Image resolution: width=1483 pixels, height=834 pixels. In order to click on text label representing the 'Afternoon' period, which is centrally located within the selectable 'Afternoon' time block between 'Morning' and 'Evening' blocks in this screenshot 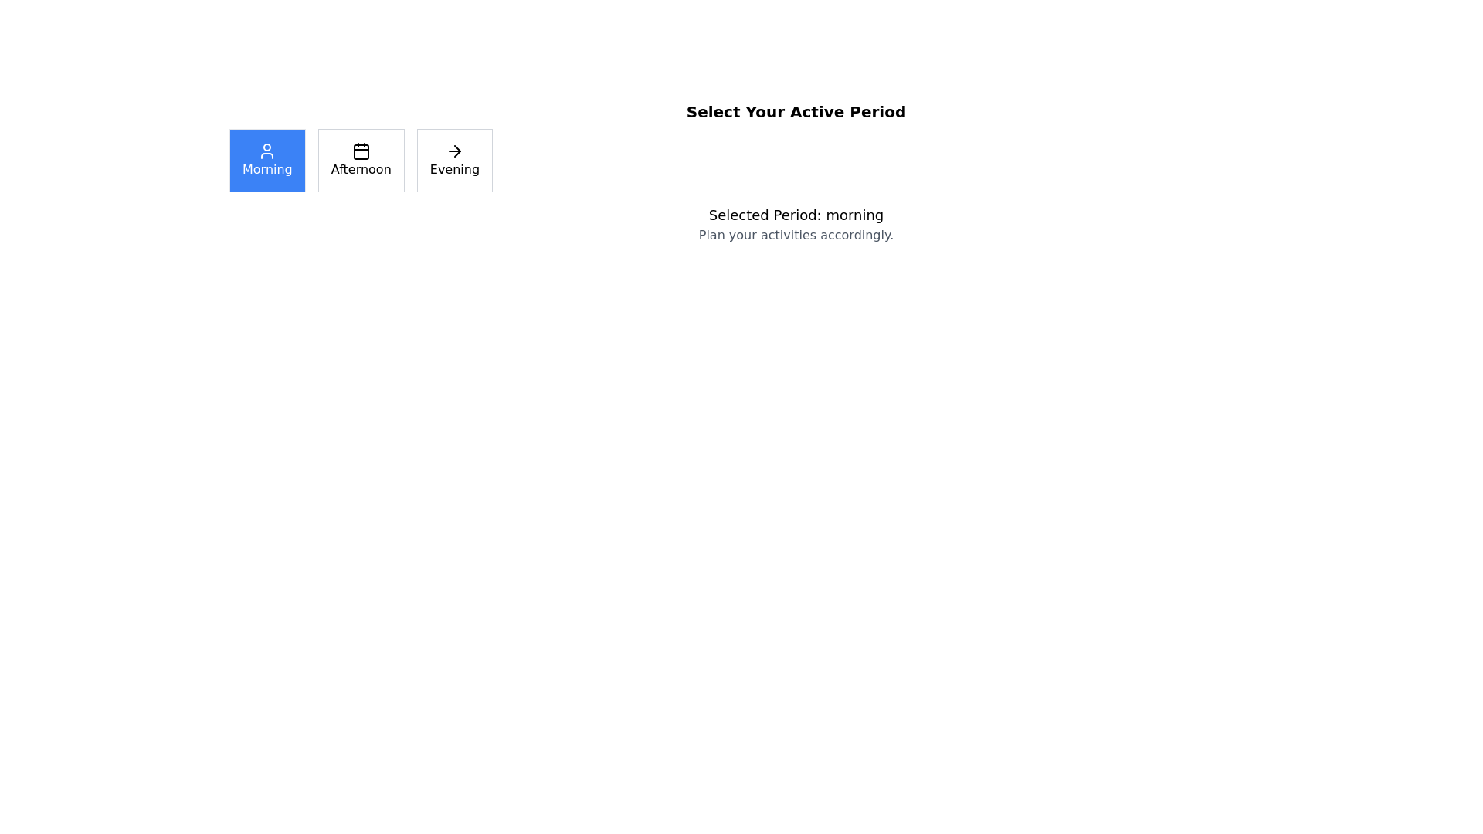, I will do `click(360, 169)`.